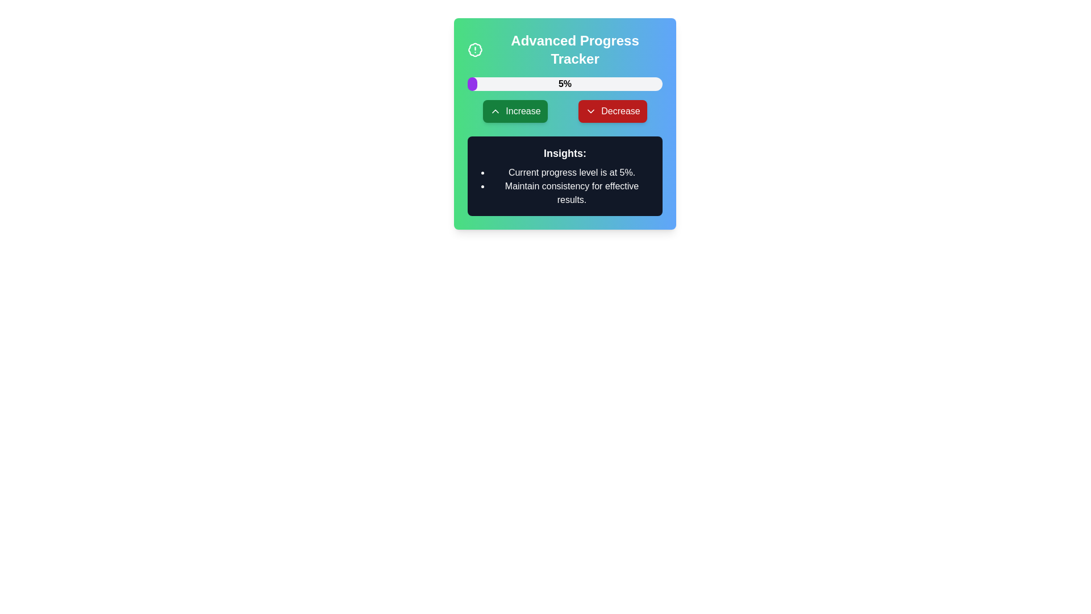 The height and width of the screenshot is (614, 1091). I want to click on the first button to the left of the red 'Decrease' button, positioned below the progress bar, so click(515, 111).